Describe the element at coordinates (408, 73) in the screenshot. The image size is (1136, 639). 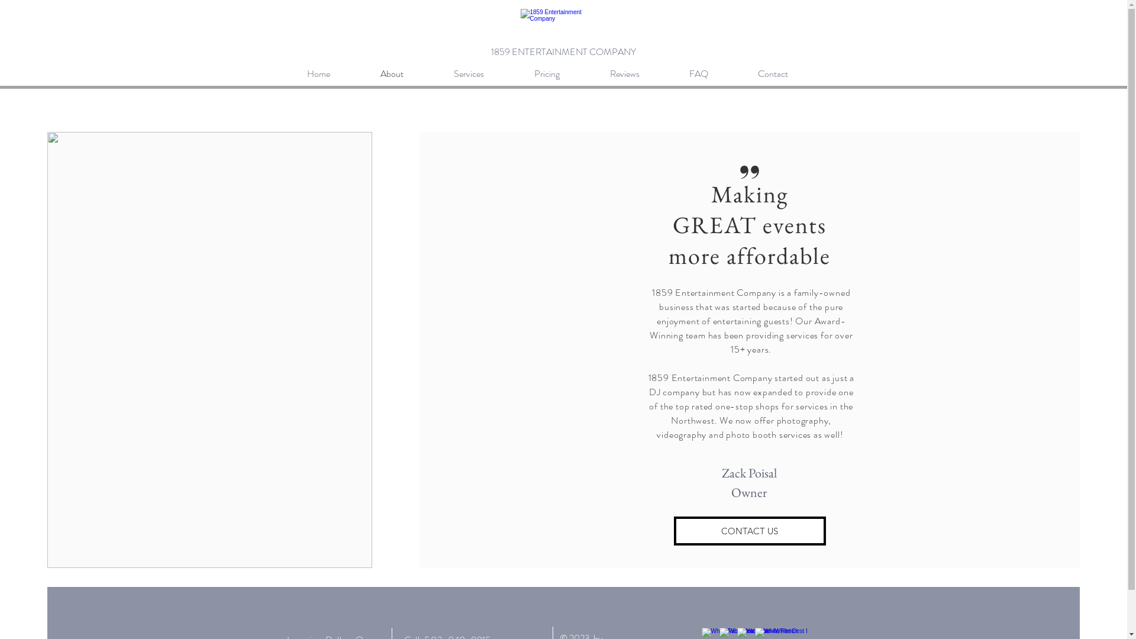
I see `'About'` at that location.